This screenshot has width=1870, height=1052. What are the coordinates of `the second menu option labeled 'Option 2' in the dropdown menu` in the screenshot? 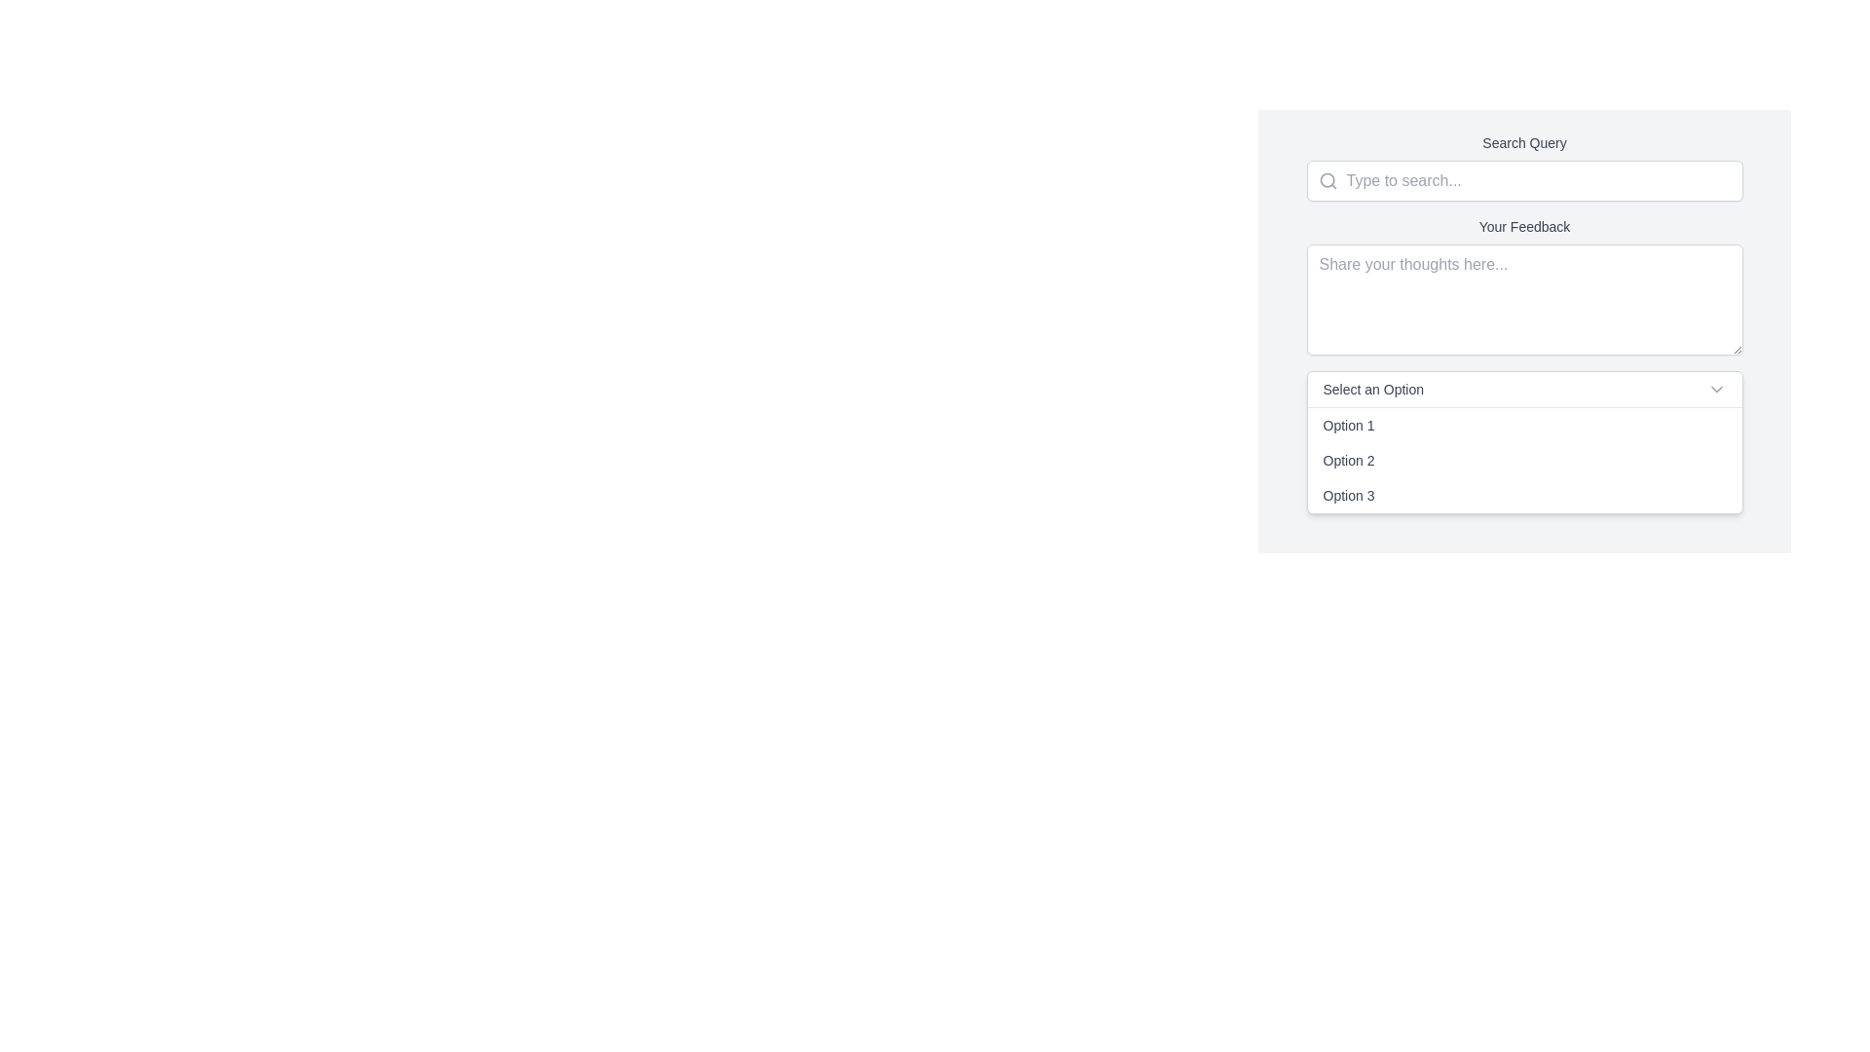 It's located at (1523, 461).